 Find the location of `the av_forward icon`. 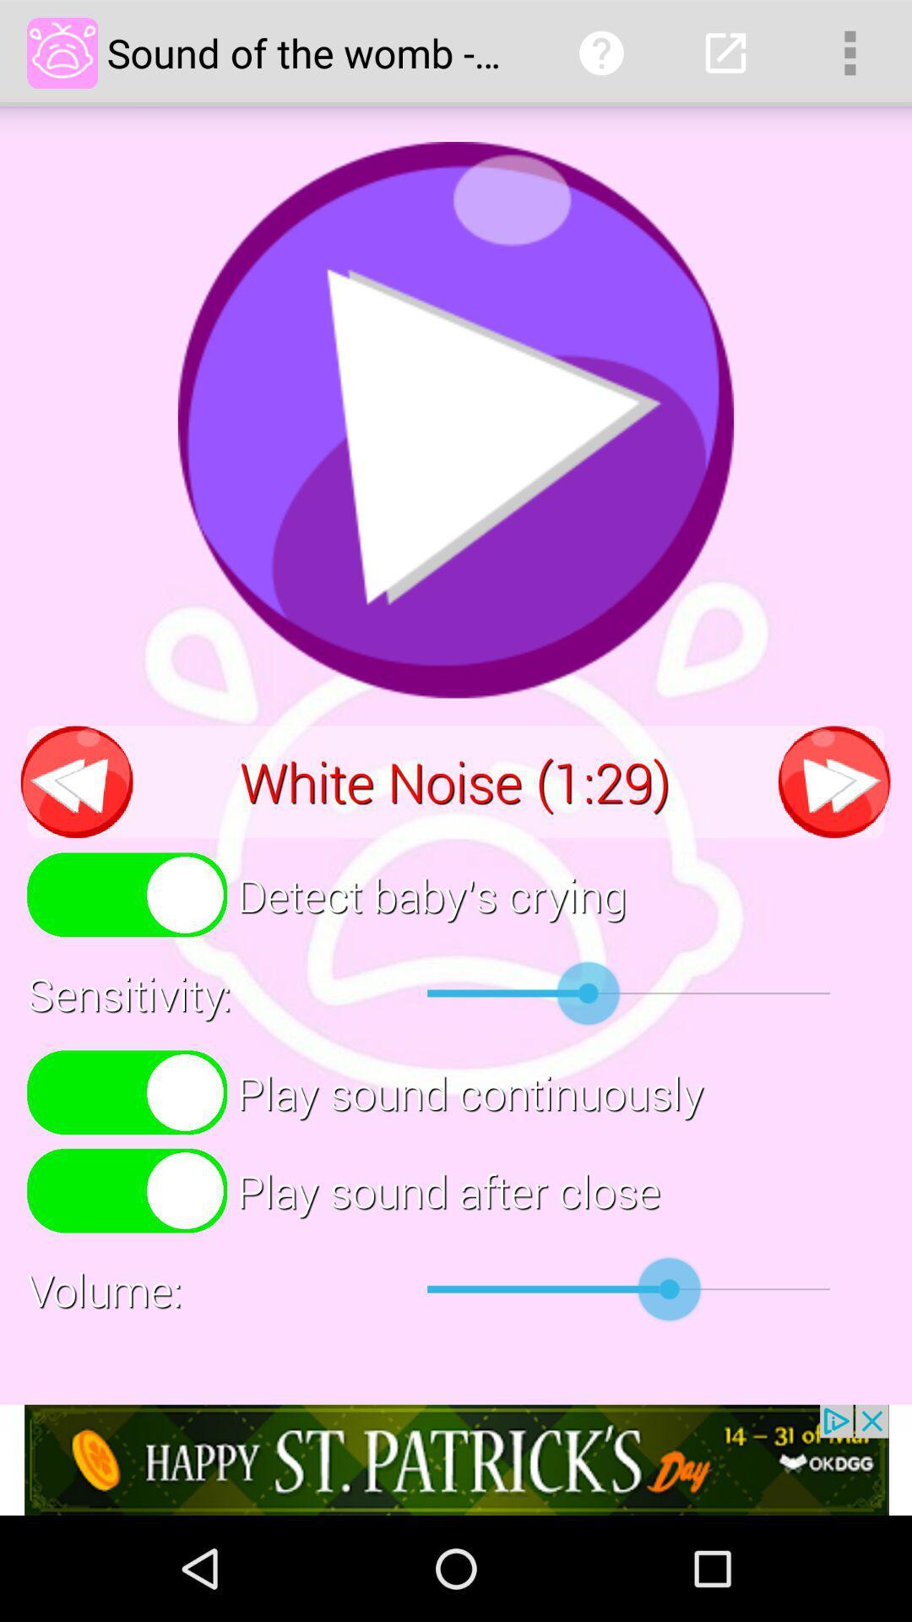

the av_forward icon is located at coordinates (833, 836).